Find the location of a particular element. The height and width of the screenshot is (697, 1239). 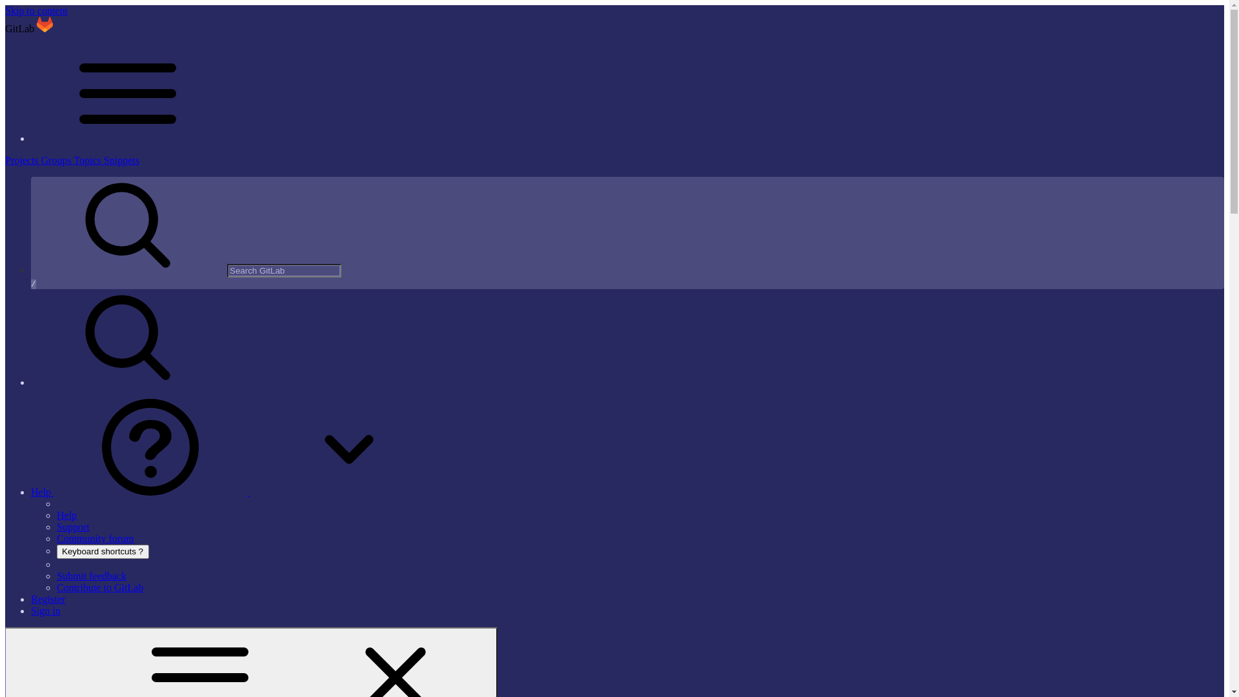

'Community forum' is located at coordinates (95, 538).